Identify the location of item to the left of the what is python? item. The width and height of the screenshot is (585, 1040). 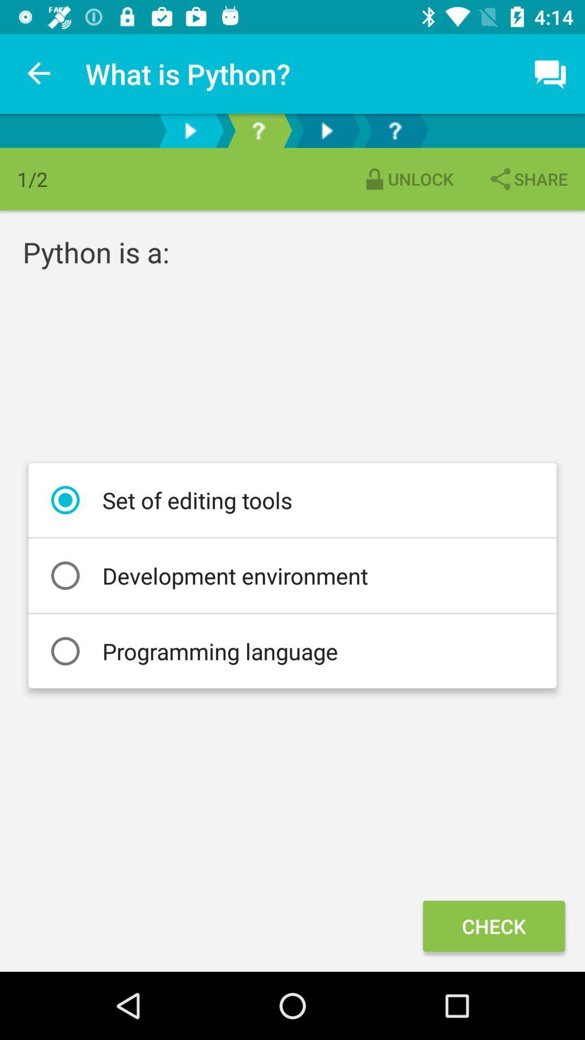
(39, 73).